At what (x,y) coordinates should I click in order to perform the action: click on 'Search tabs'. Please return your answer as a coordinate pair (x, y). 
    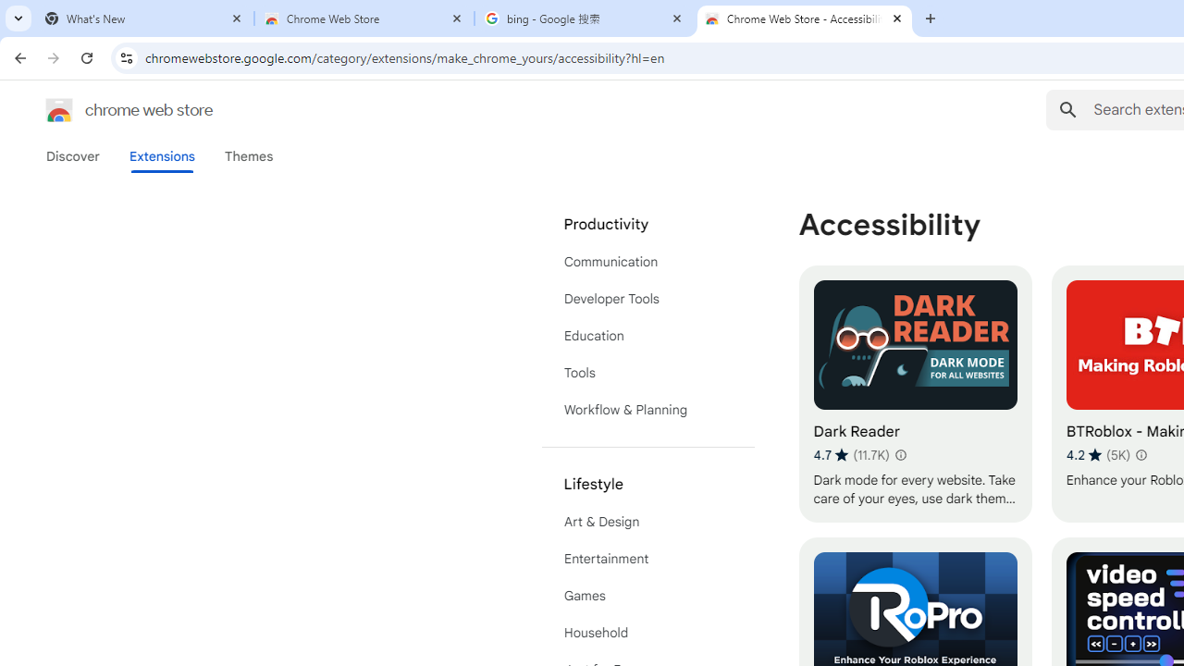
    Looking at the image, I should click on (18, 18).